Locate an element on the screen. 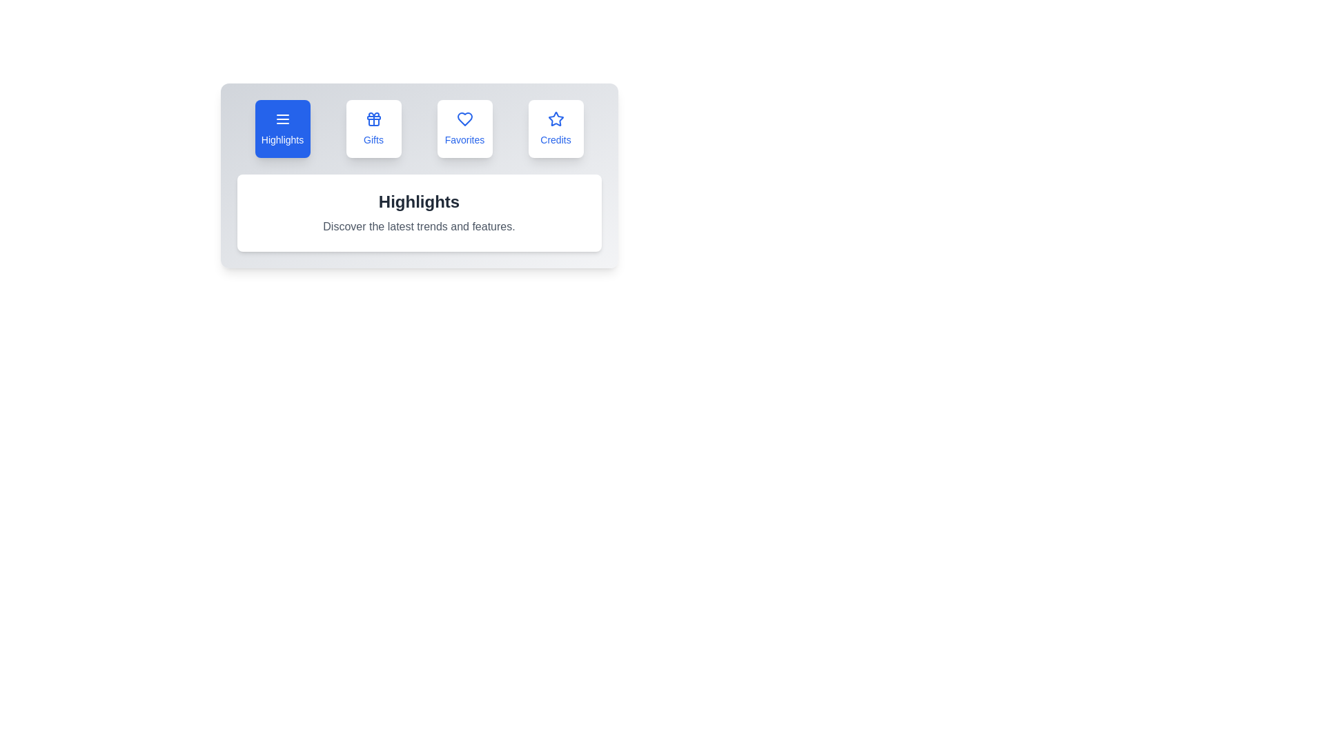 This screenshot has width=1325, height=745. the tab labeled Credits is located at coordinates (556, 128).